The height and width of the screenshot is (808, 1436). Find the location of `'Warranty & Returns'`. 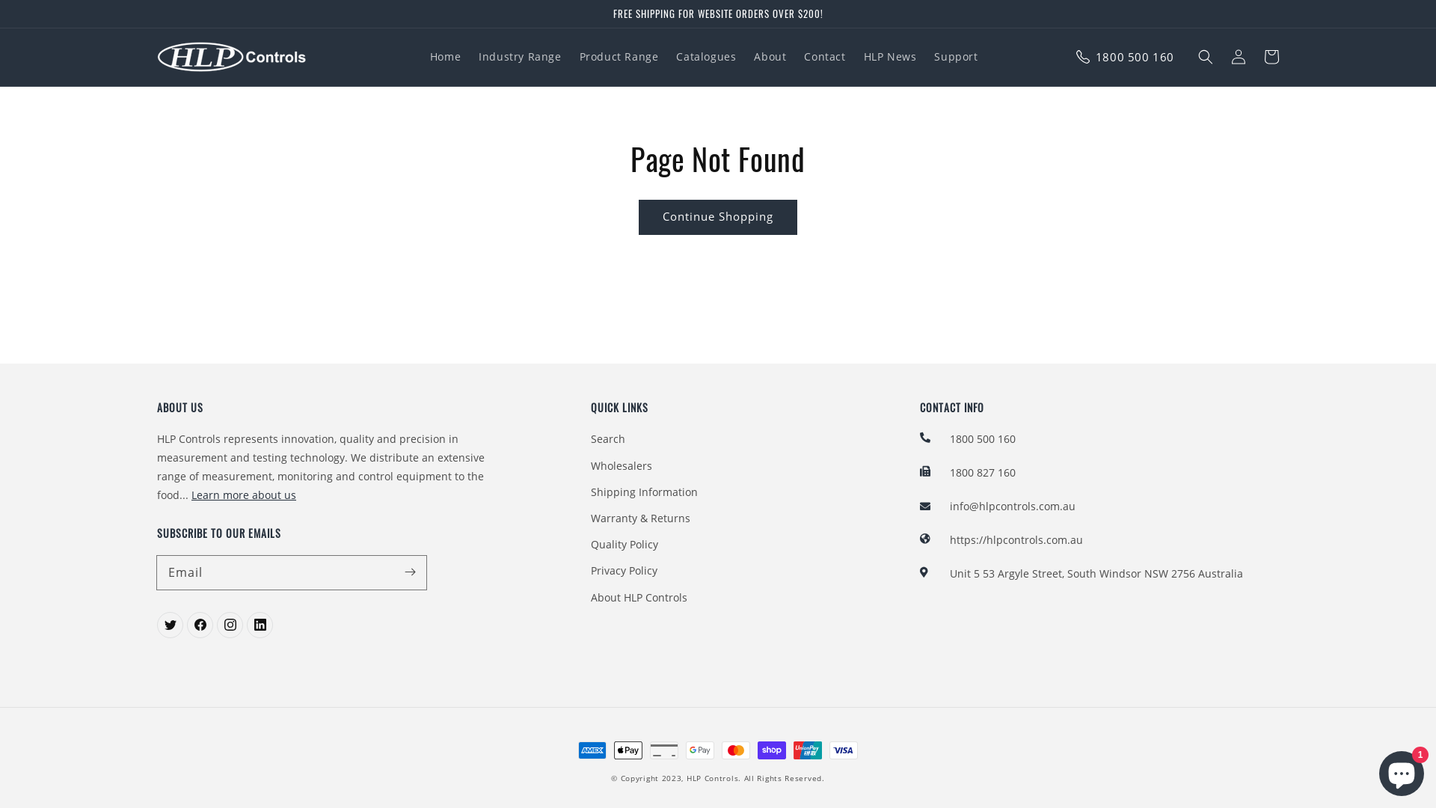

'Warranty & Returns' is located at coordinates (640, 517).